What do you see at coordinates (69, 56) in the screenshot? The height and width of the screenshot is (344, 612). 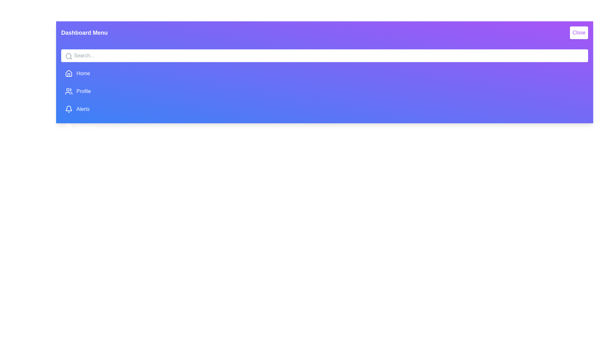 I see `the search icon, which is a magnifying glass located inside the search bar at the far left, adjacent to the placeholder text 'Search...'` at bounding box center [69, 56].